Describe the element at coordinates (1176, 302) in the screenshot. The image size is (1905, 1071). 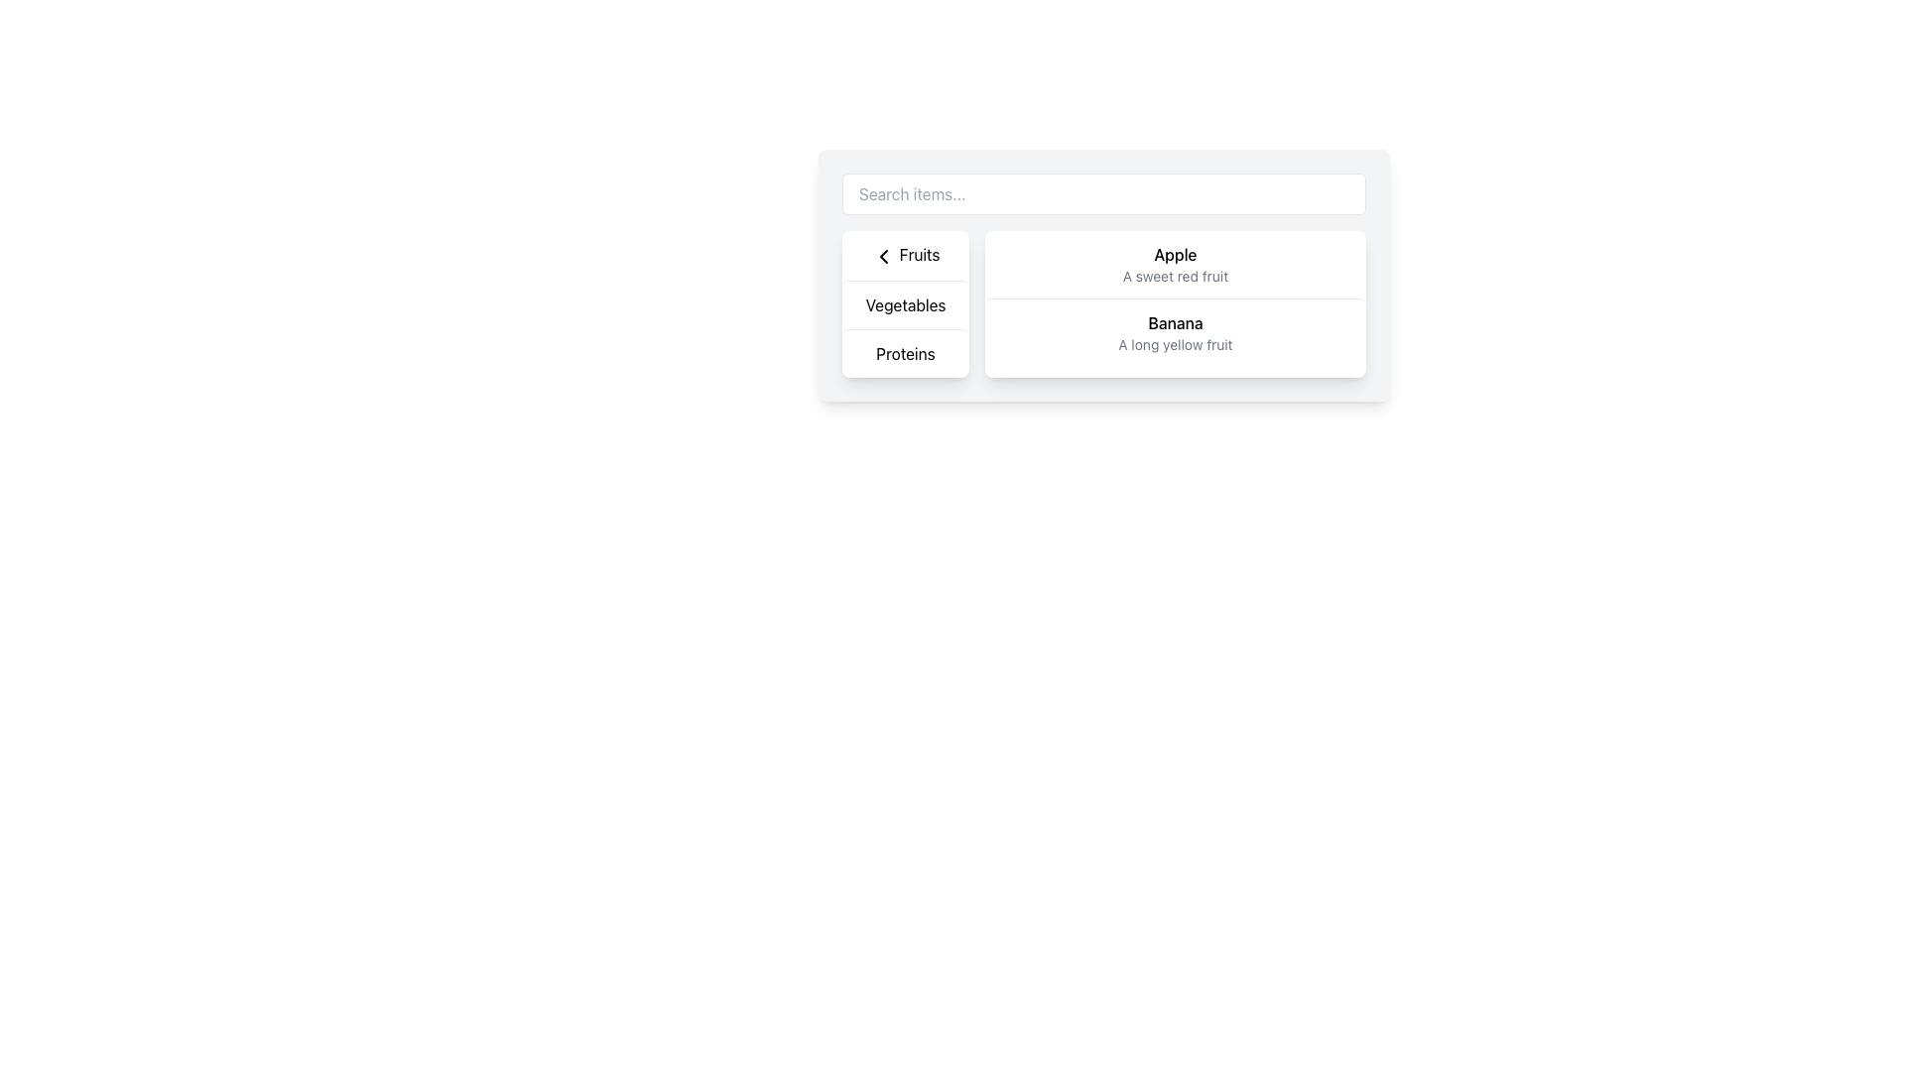
I see `the 'Banana' entry in the content panel that lists 'Apple' and 'Banana' with descriptions` at that location.